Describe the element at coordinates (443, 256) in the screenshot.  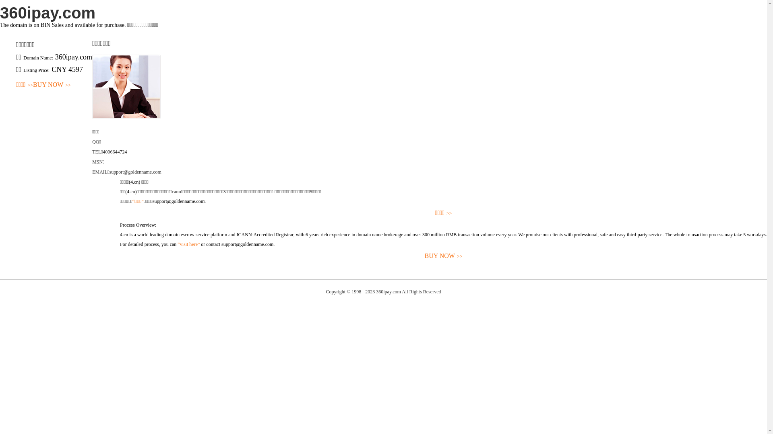
I see `'BUY NOW>>'` at that location.